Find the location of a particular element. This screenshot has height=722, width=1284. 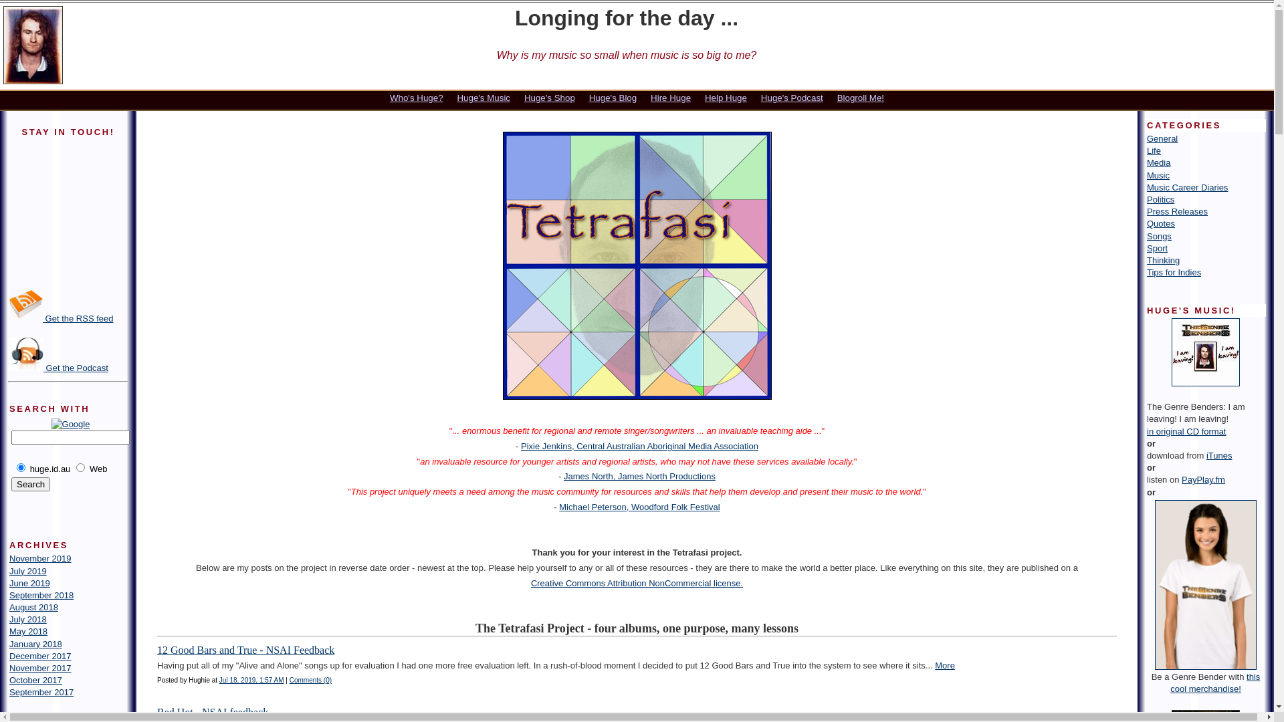

'PayPlay.fm' is located at coordinates (1203, 479).